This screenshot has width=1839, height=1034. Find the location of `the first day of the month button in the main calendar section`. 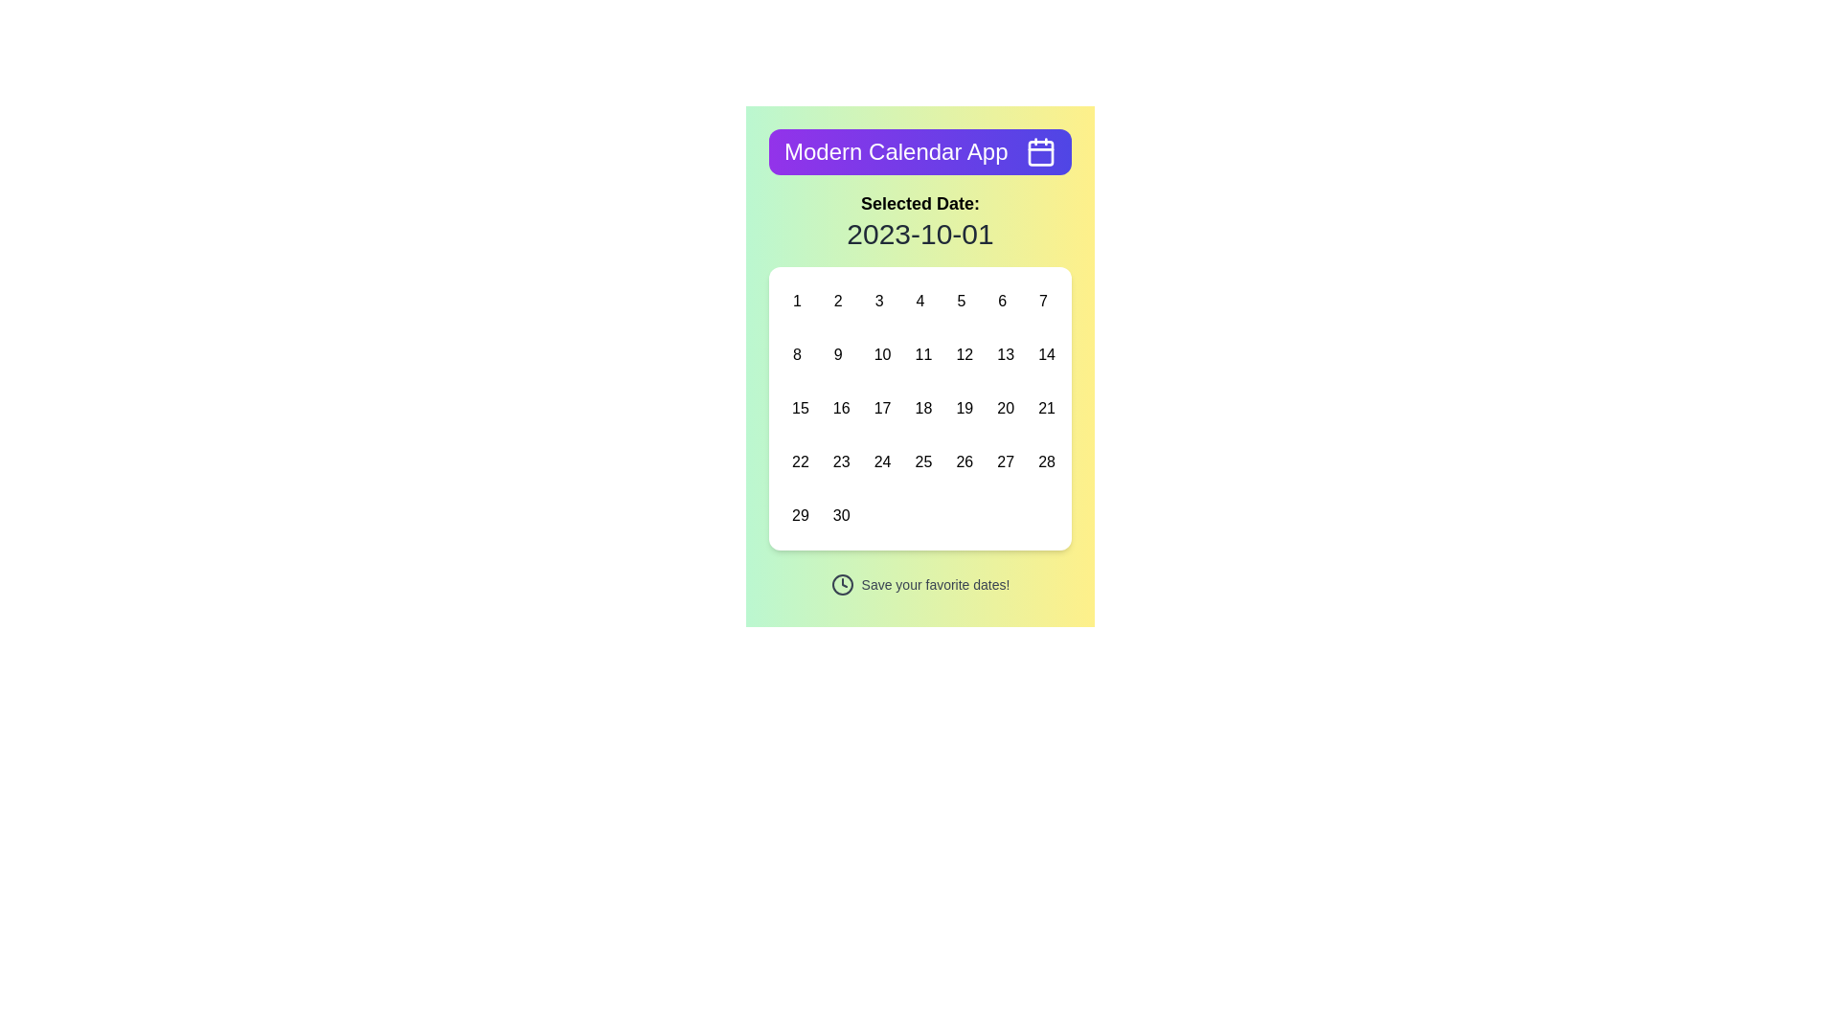

the first day of the month button in the main calendar section is located at coordinates (797, 302).